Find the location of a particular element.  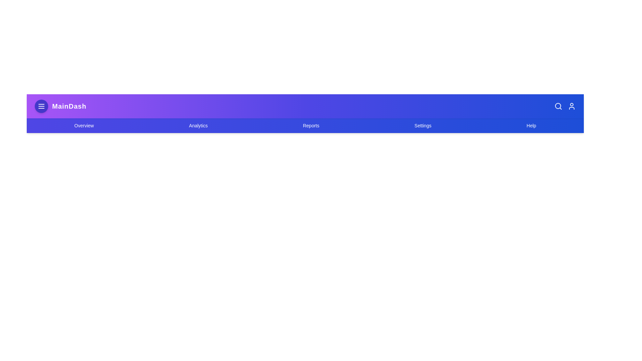

the navigation link Overview to navigate to its respective section is located at coordinates (83, 125).